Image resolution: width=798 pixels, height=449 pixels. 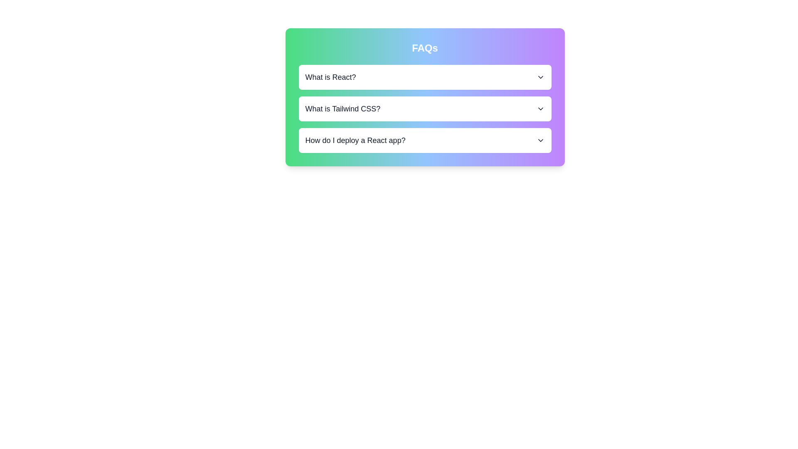 I want to click on the third FAQ item labeled 'How do I deploy a React app?', so click(x=425, y=140).